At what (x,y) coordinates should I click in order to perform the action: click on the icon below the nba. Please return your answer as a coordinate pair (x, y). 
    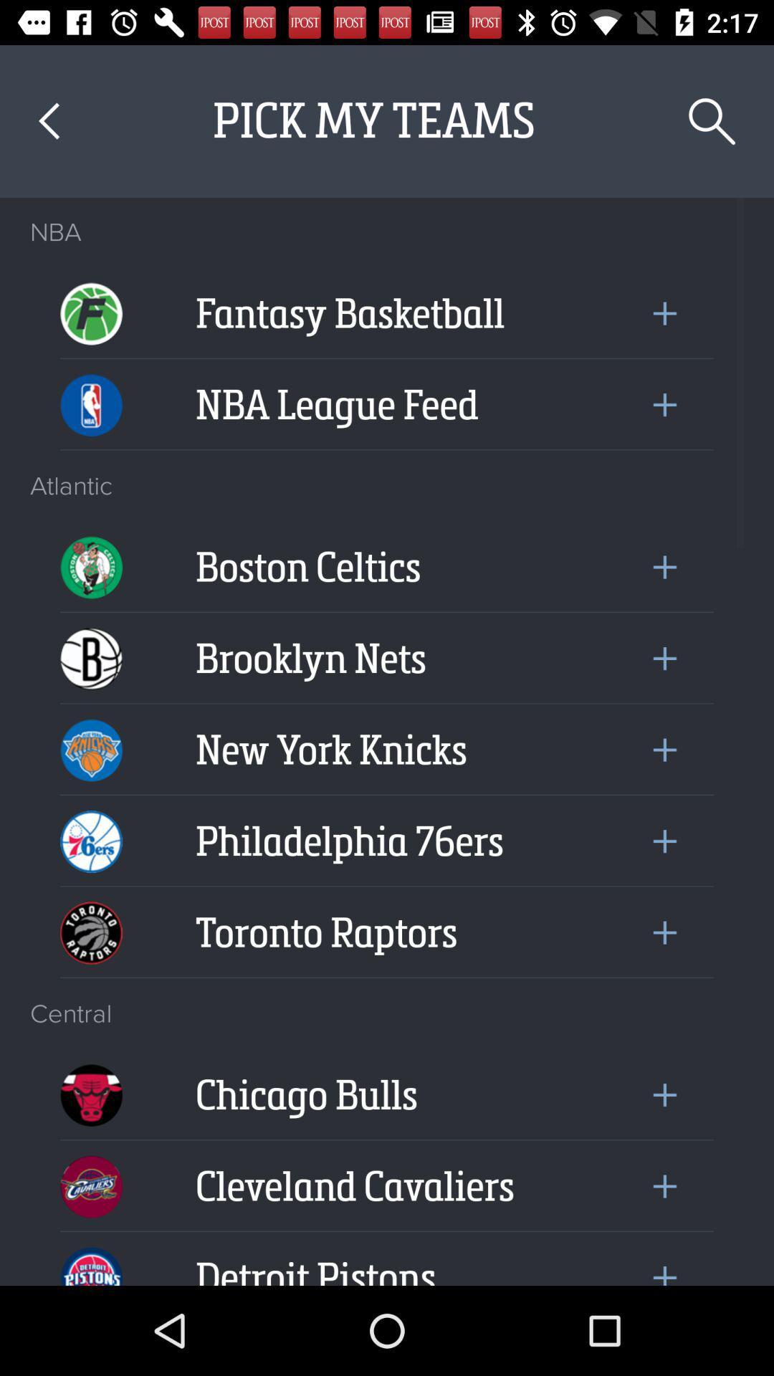
    Looking at the image, I should click on (91, 302).